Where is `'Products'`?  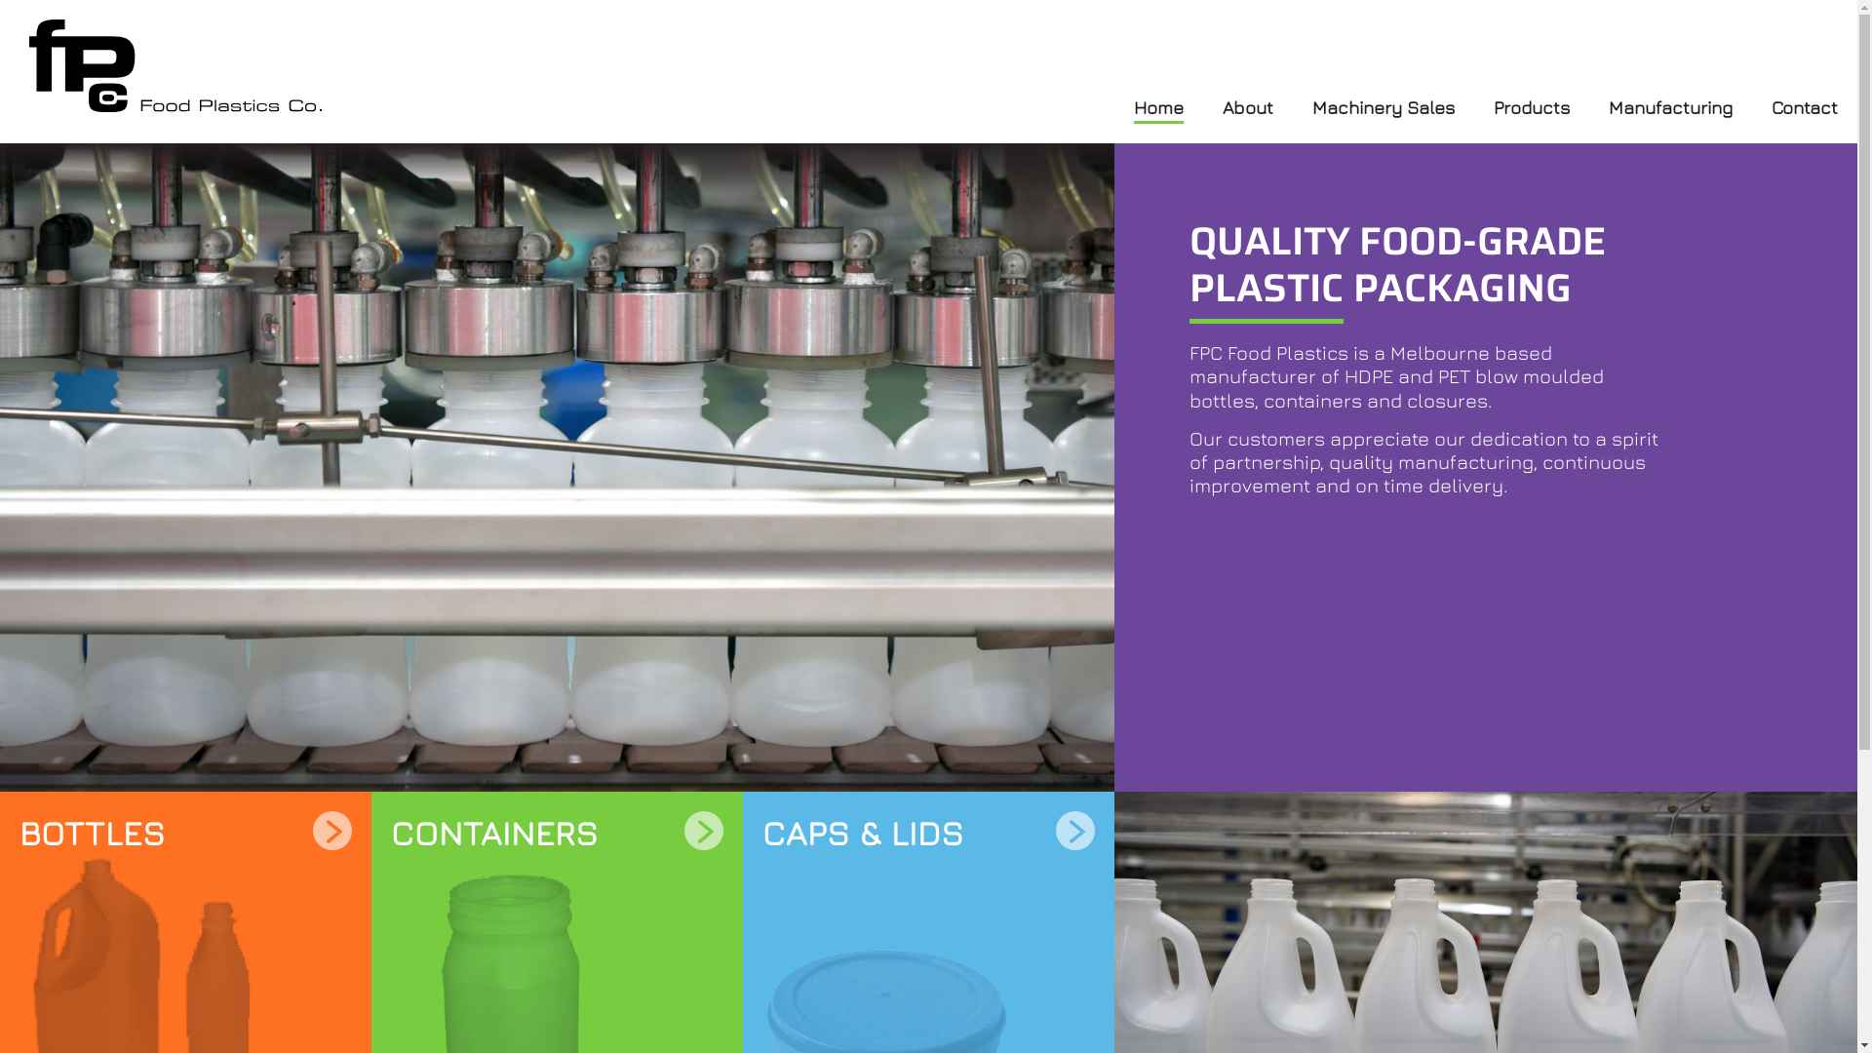
'Products' is located at coordinates (1530, 108).